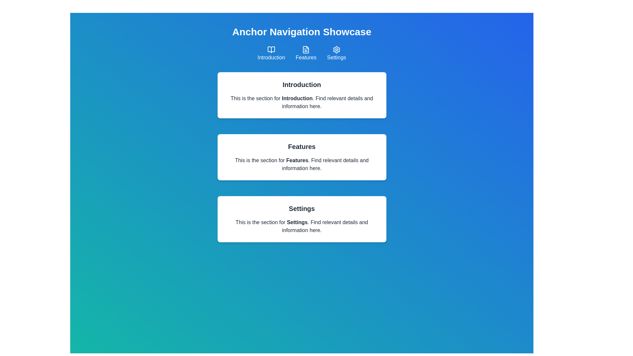 This screenshot has height=356, width=633. What do you see at coordinates (297, 222) in the screenshot?
I see `the 'Settings' text label, which is prominently displayed in bold font within the third card below the 'Features' section` at bounding box center [297, 222].